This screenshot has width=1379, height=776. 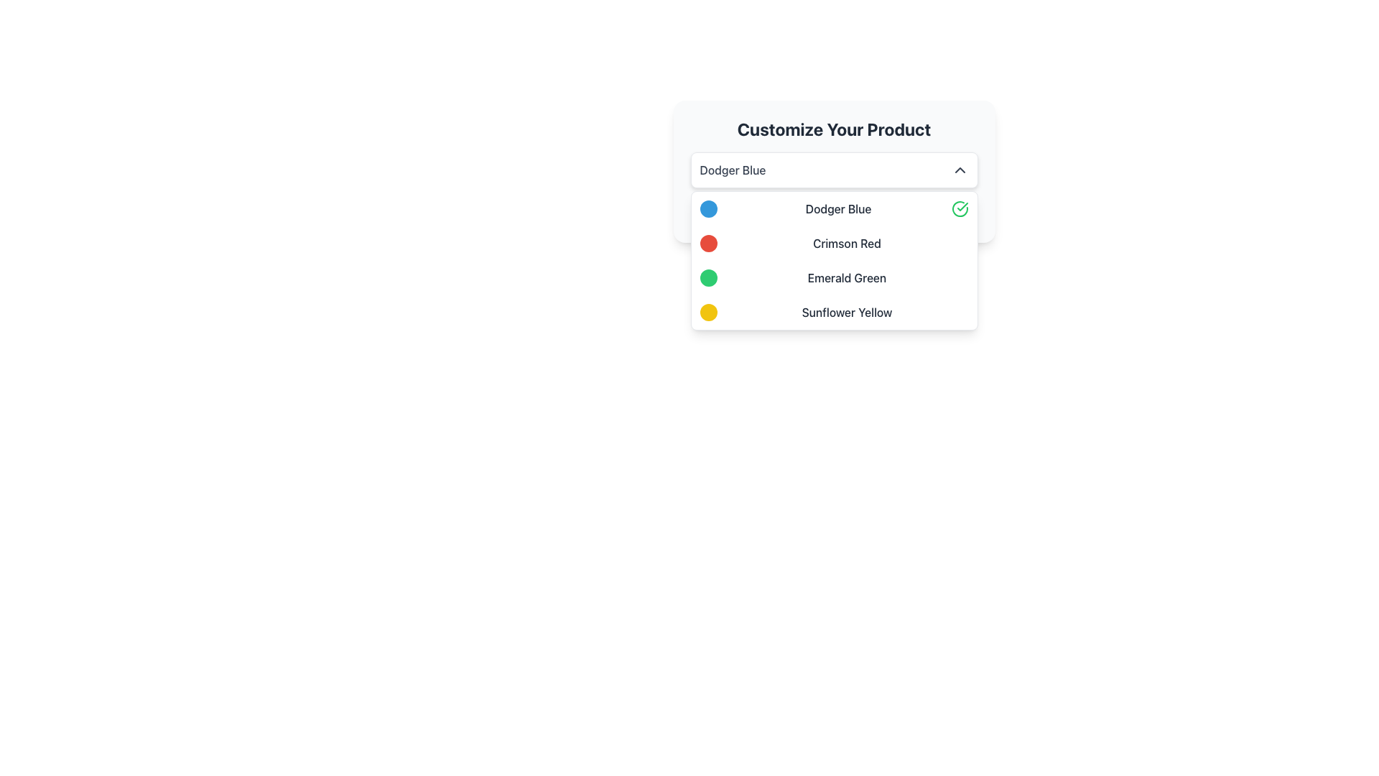 I want to click on the 'Emerald Green' option, so click(x=834, y=277).